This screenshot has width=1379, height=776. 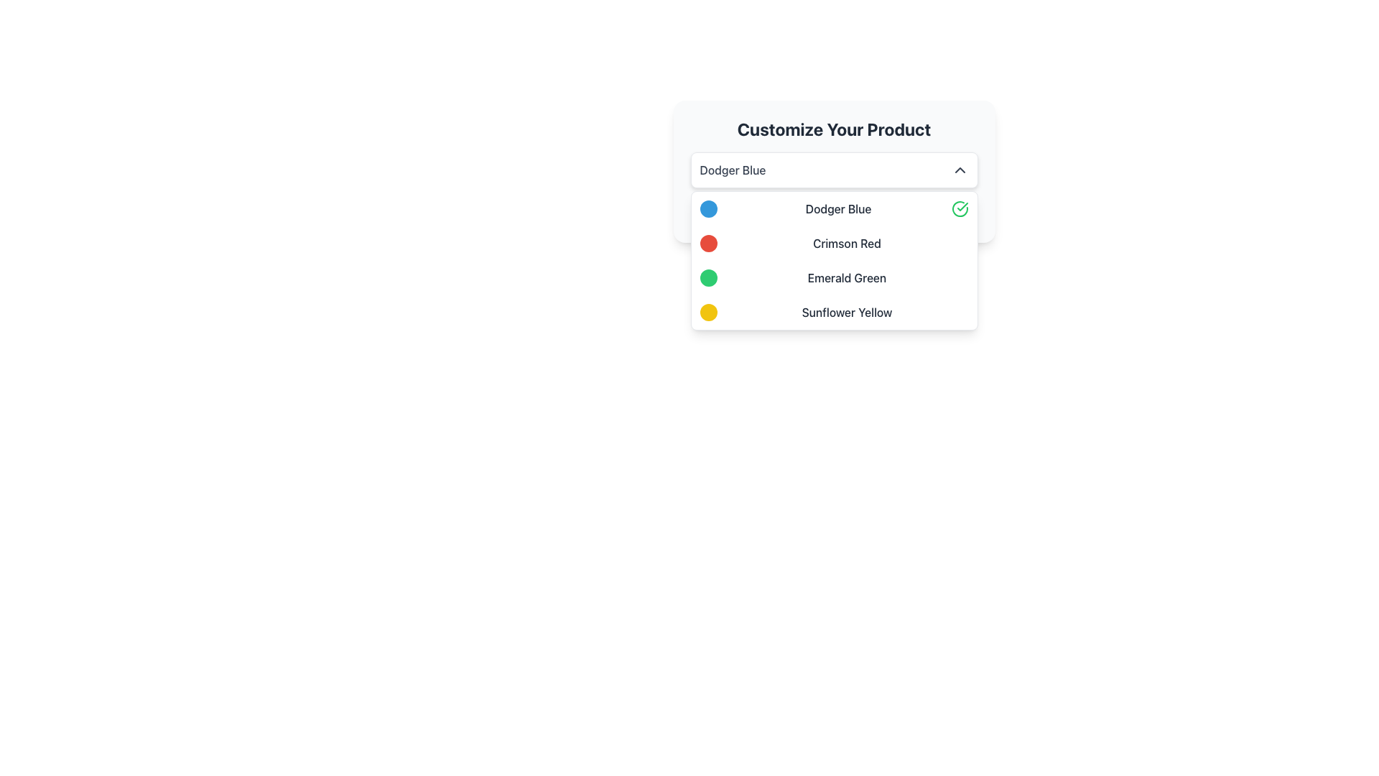 I want to click on the 'Emerald Green' option, so click(x=834, y=277).